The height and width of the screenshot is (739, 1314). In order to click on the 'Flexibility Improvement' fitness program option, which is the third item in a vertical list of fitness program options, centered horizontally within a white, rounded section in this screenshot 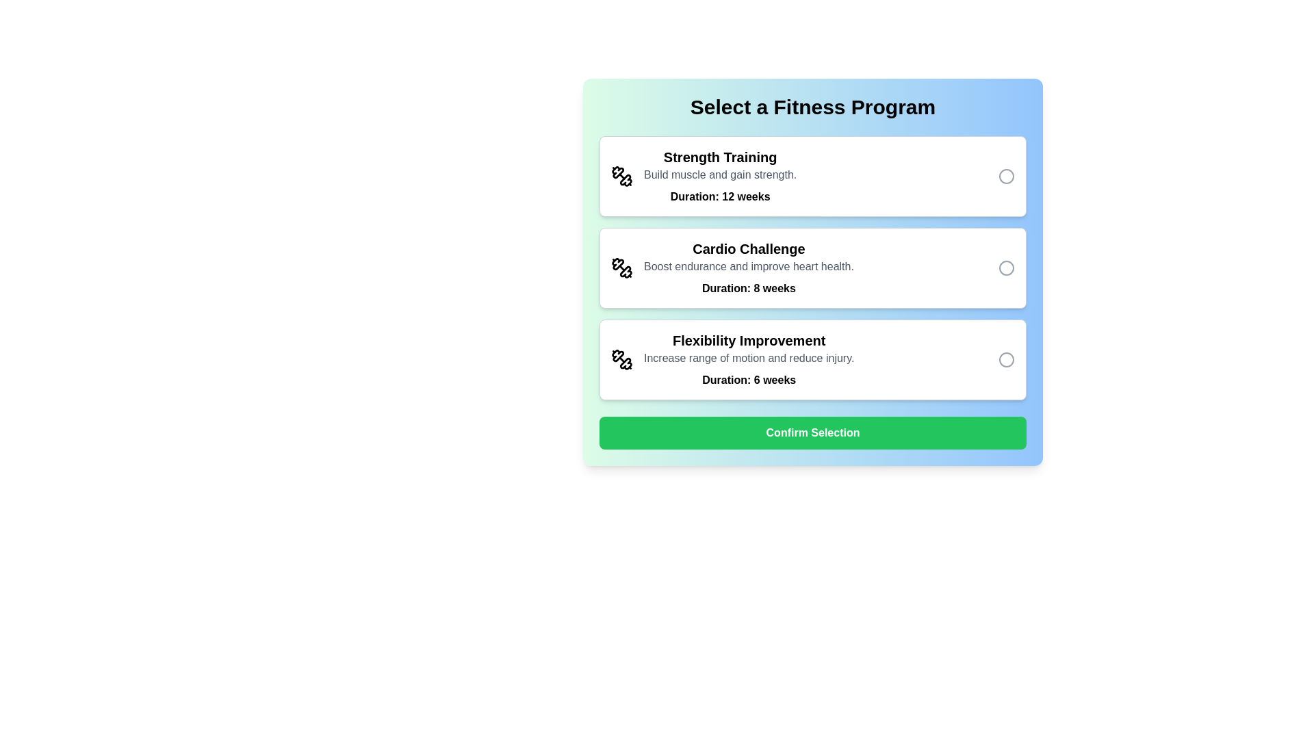, I will do `click(748, 359)`.